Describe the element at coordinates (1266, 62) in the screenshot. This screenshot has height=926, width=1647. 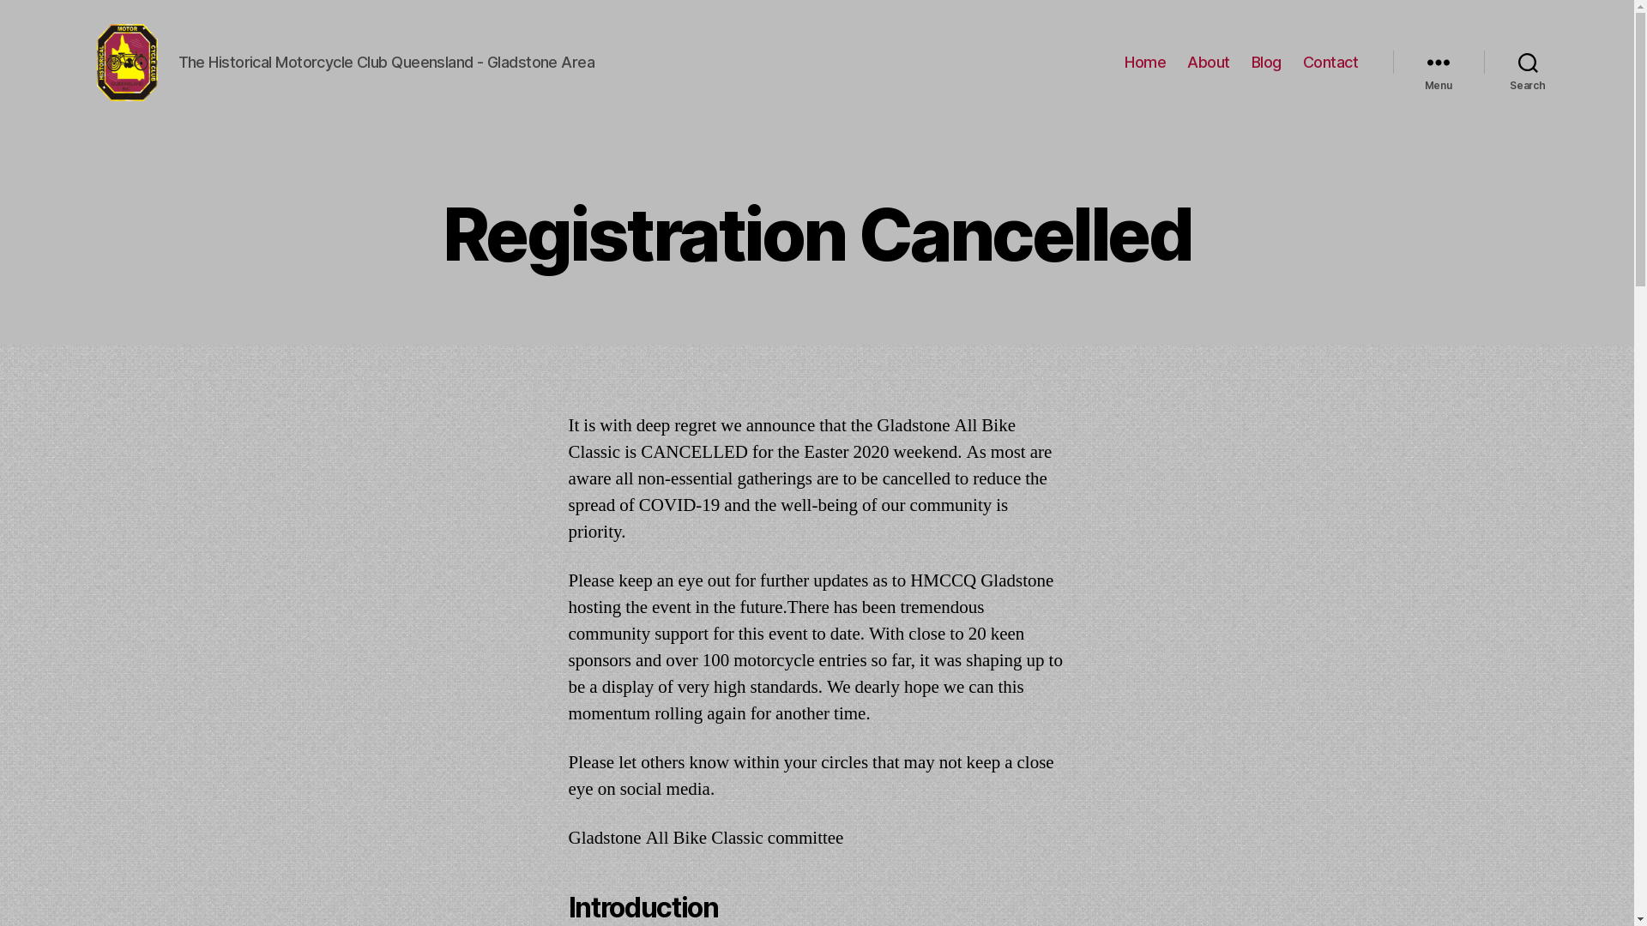
I see `'Blog'` at that location.